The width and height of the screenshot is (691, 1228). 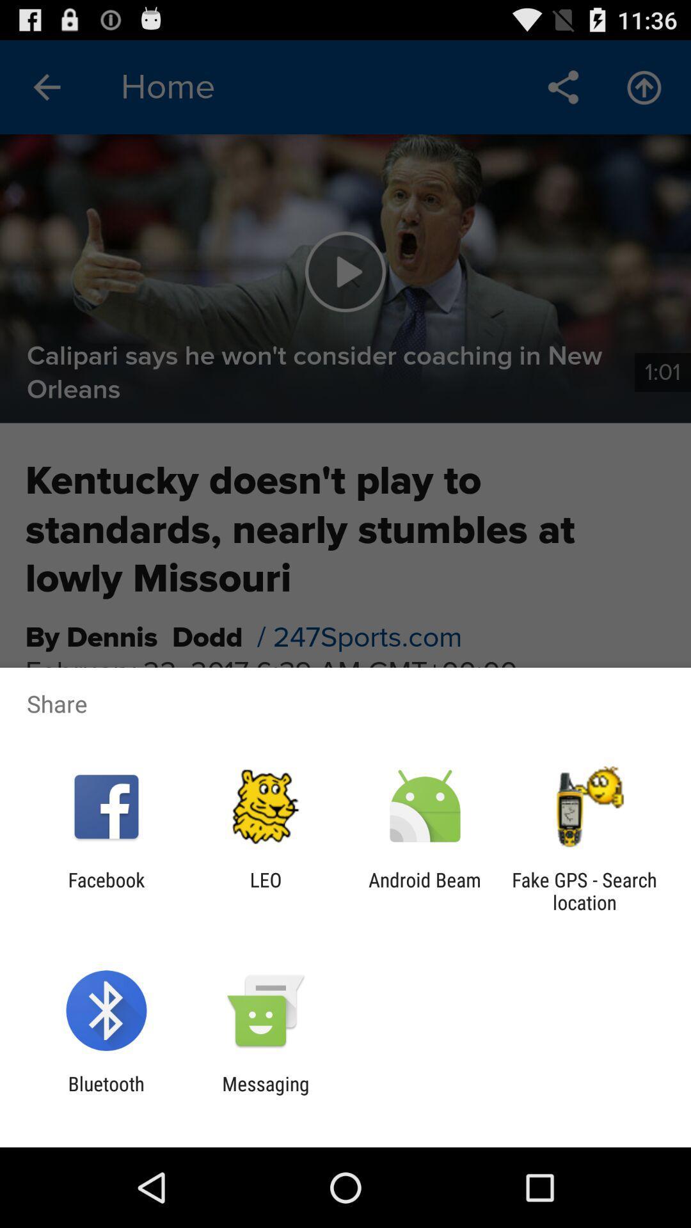 I want to click on facebook app, so click(x=106, y=890).